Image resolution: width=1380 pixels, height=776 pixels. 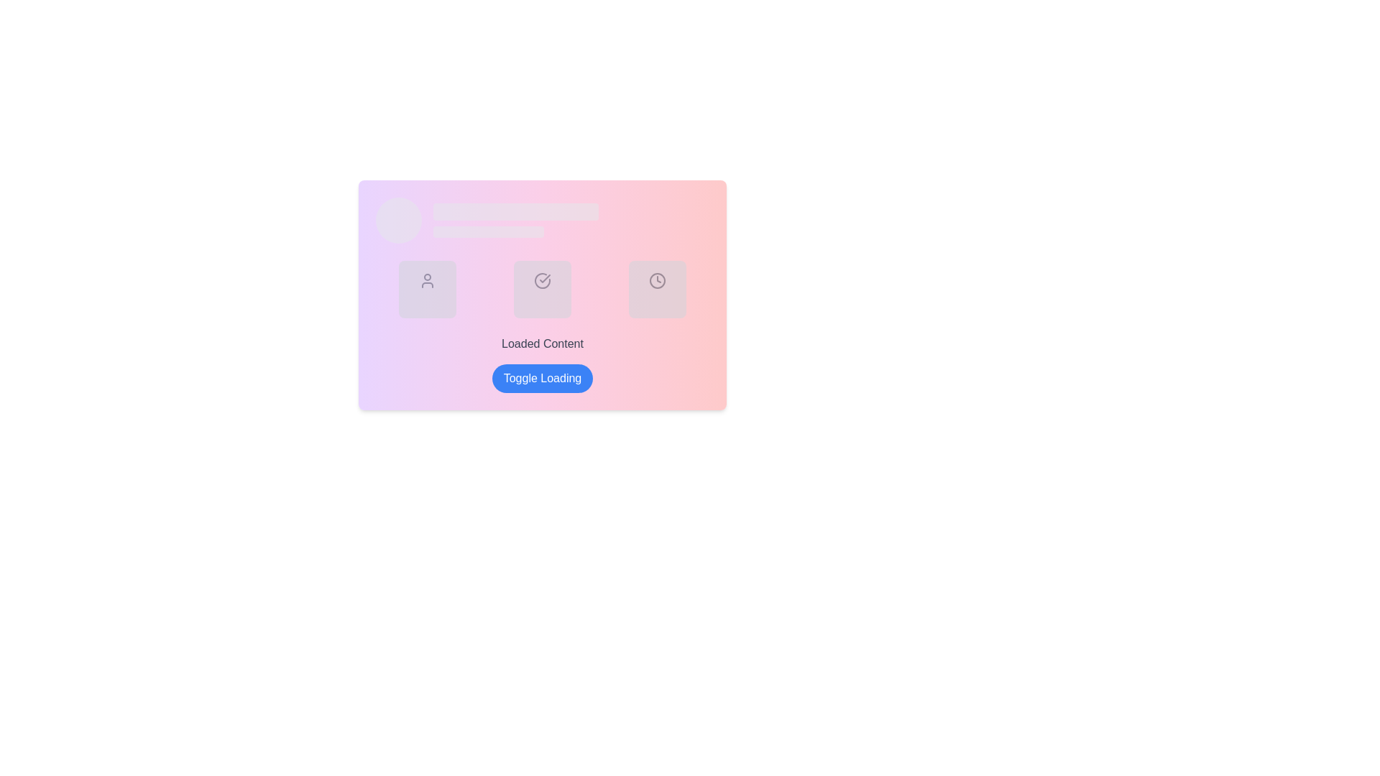 I want to click on the blue rectangular button labeled 'Toggle Loading', so click(x=541, y=378).